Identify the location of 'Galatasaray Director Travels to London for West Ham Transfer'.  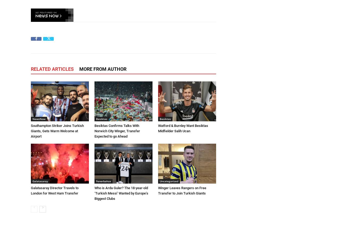
(55, 191).